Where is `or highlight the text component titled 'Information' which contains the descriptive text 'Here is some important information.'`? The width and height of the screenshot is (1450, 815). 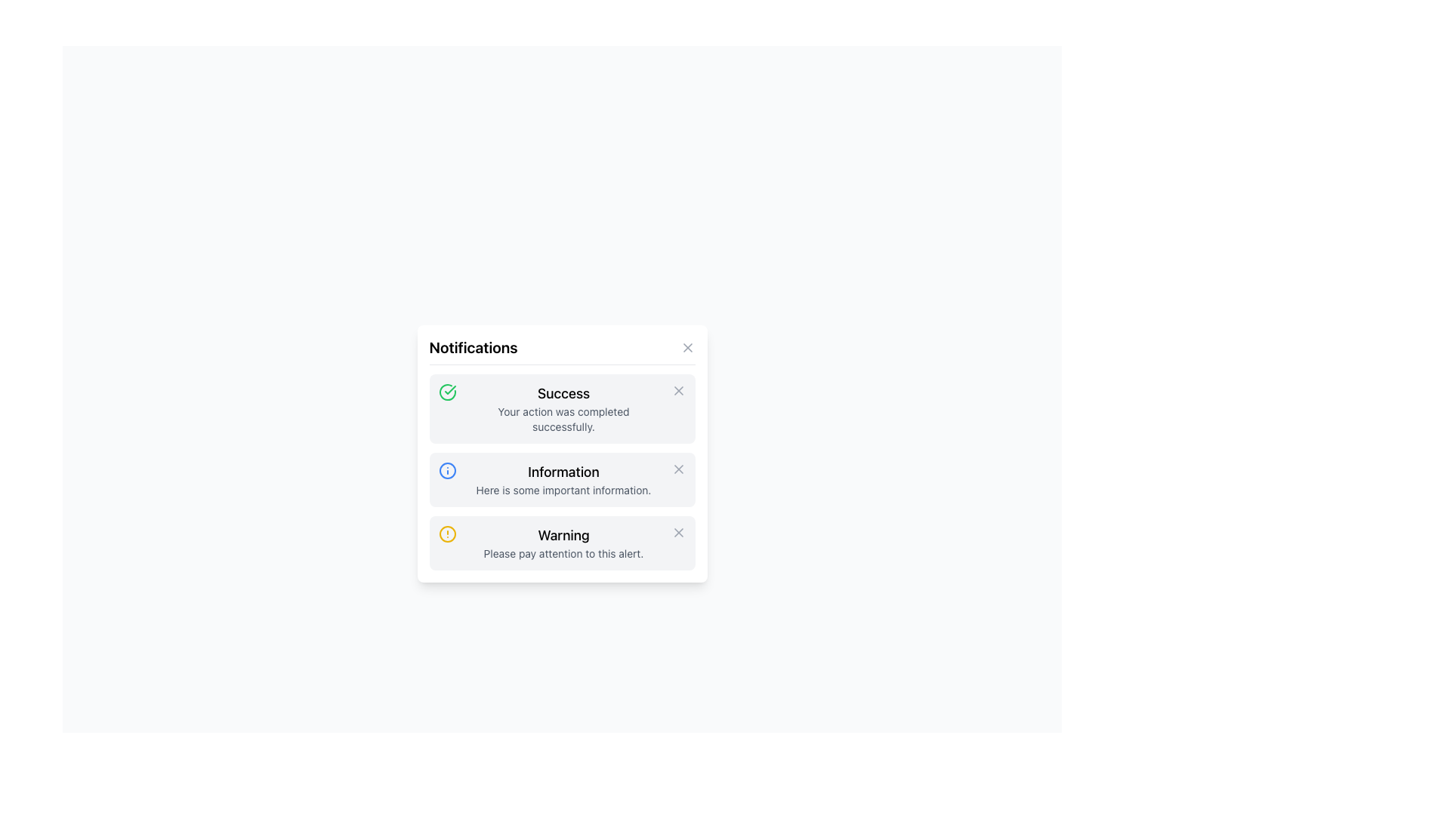
or highlight the text component titled 'Information' which contains the descriptive text 'Here is some important information.' is located at coordinates (563, 479).